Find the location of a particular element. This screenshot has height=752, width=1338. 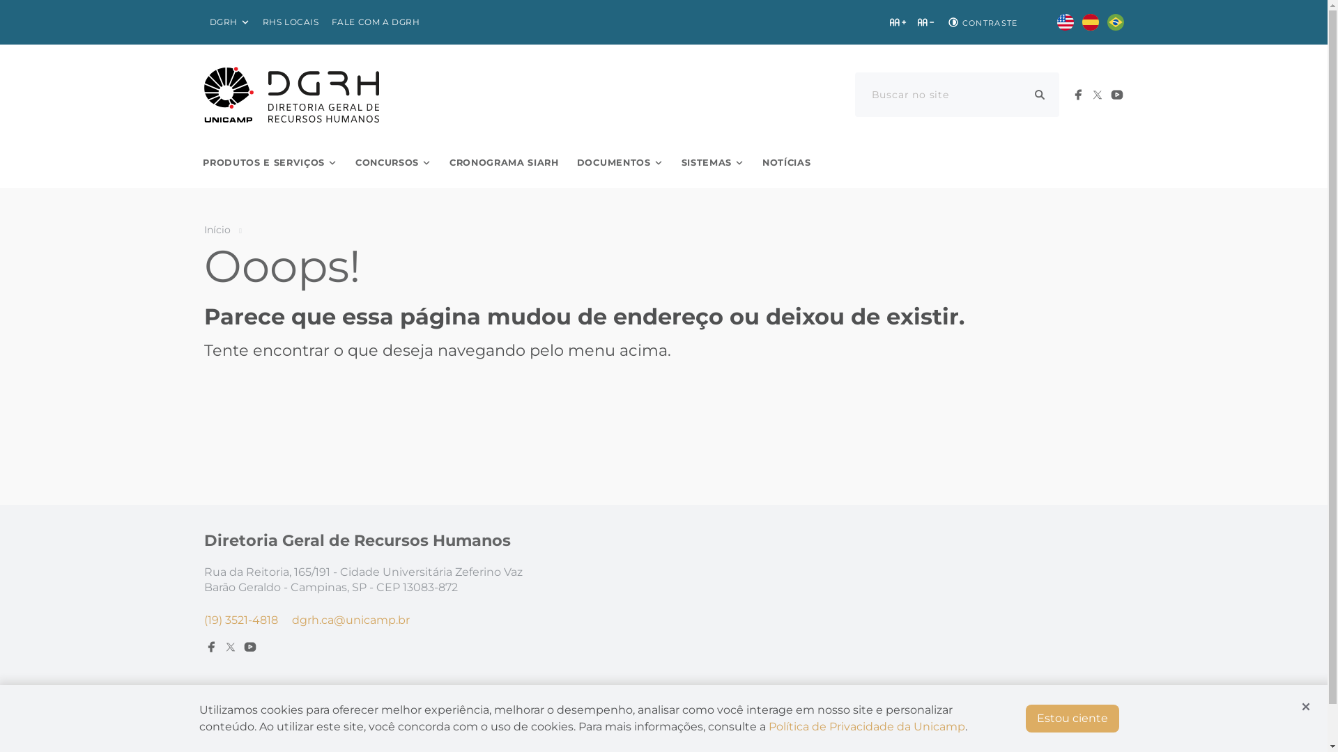

'Spanish' is located at coordinates (1089, 22).